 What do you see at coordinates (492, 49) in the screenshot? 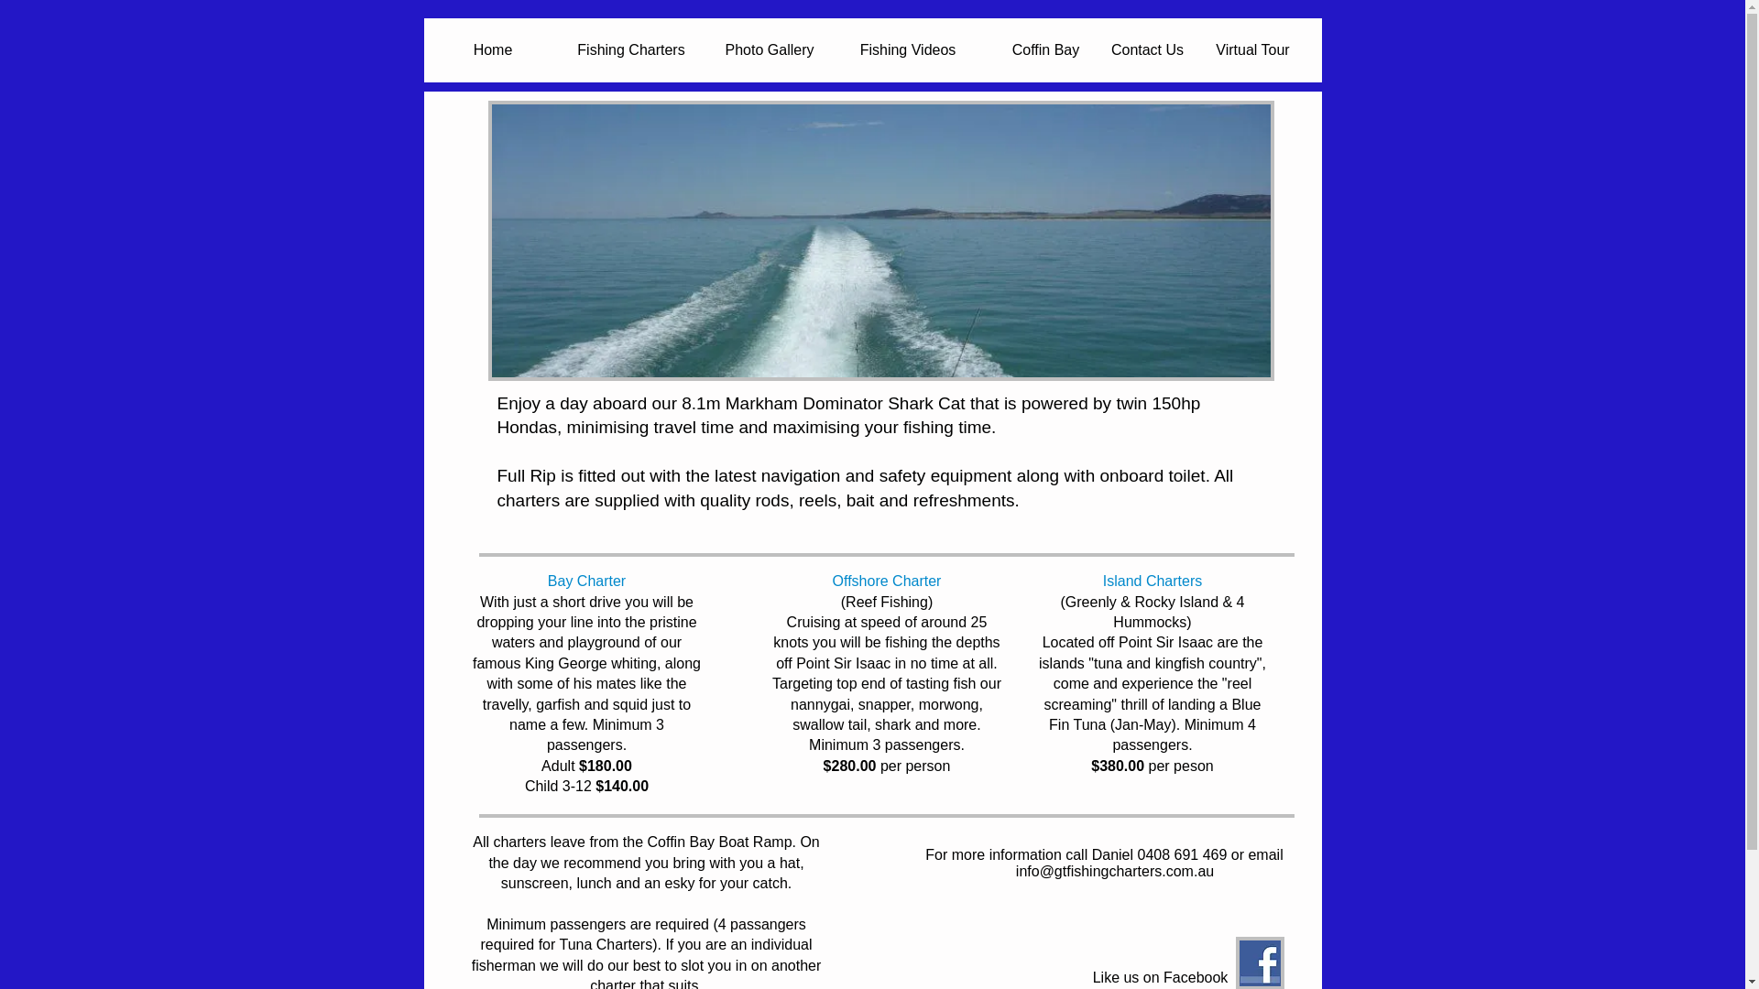
I see `'Home'` at bounding box center [492, 49].